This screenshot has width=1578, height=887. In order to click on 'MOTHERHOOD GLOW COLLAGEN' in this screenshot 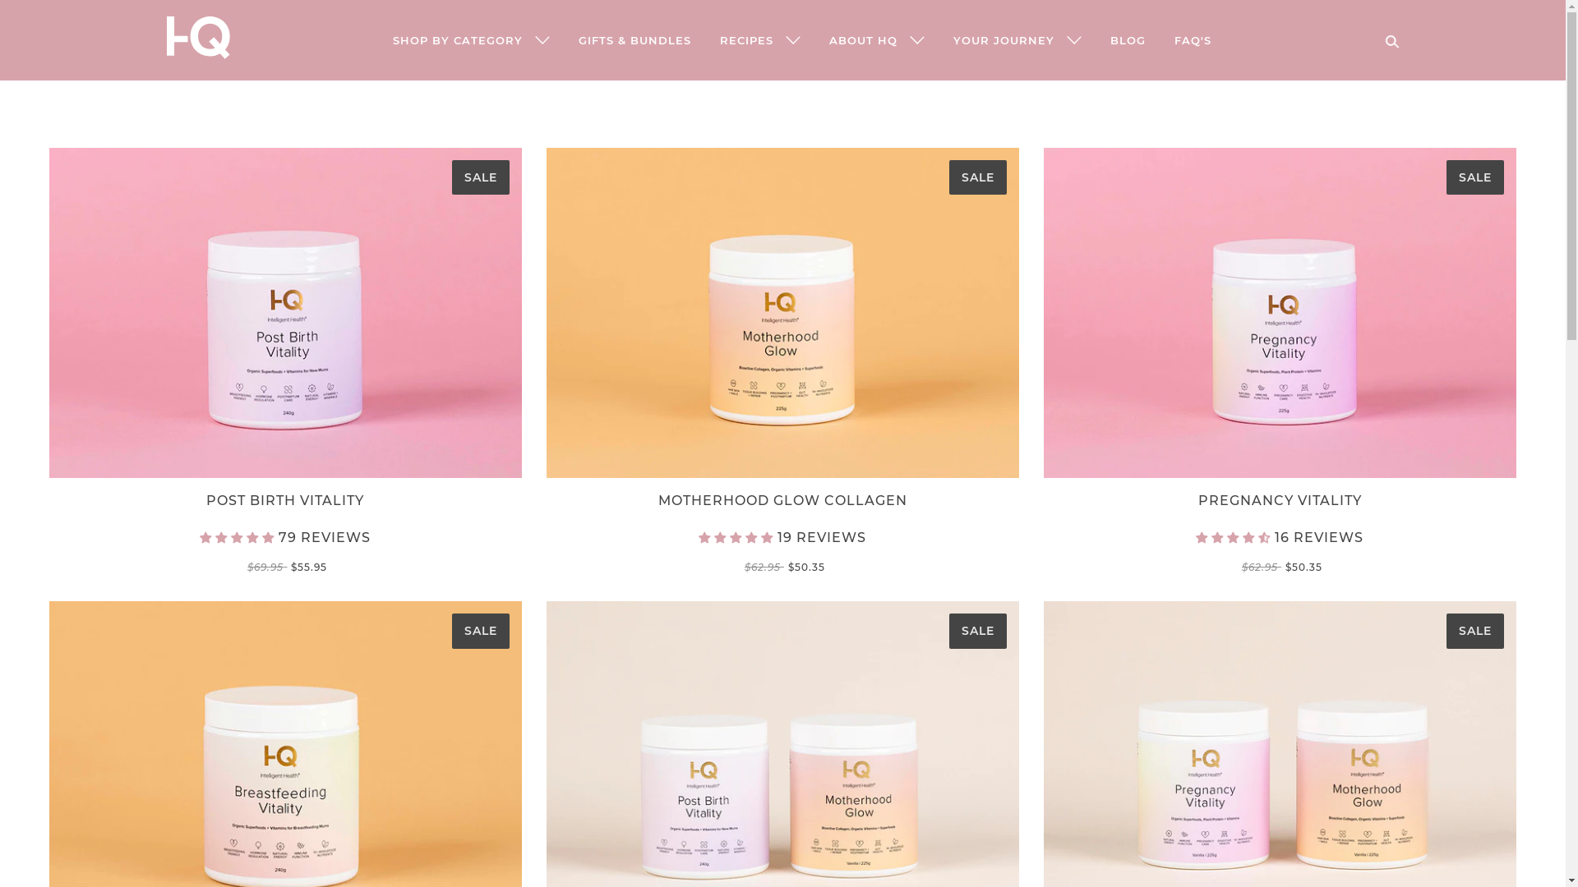, I will do `click(782, 503)`.